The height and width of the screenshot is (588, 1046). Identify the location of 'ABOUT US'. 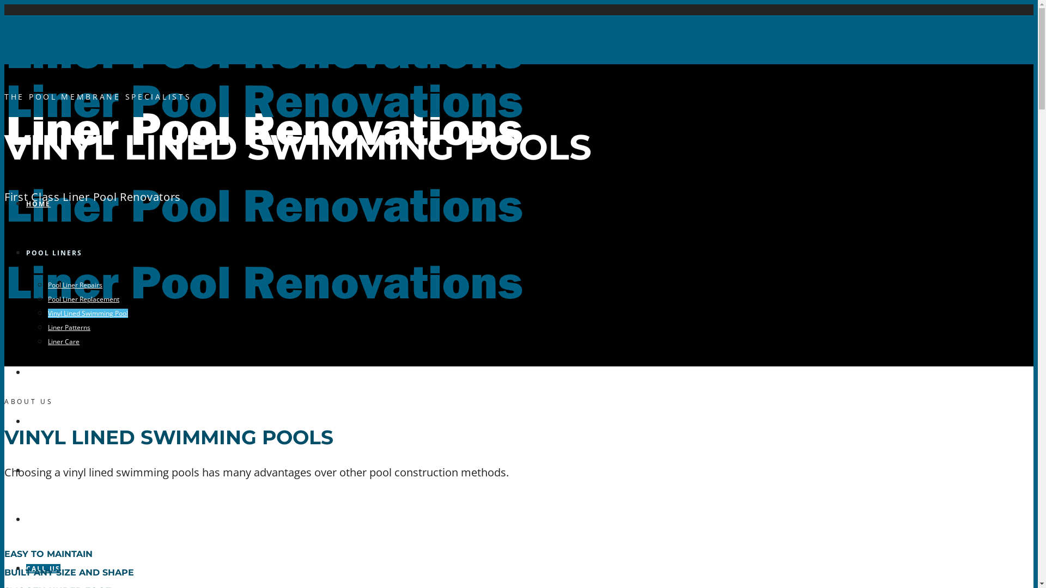
(46, 470).